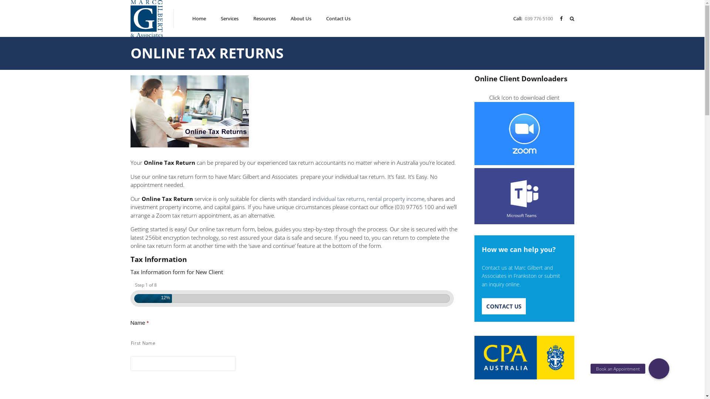 The width and height of the screenshot is (710, 399). What do you see at coordinates (192, 18) in the screenshot?
I see `'Home'` at bounding box center [192, 18].